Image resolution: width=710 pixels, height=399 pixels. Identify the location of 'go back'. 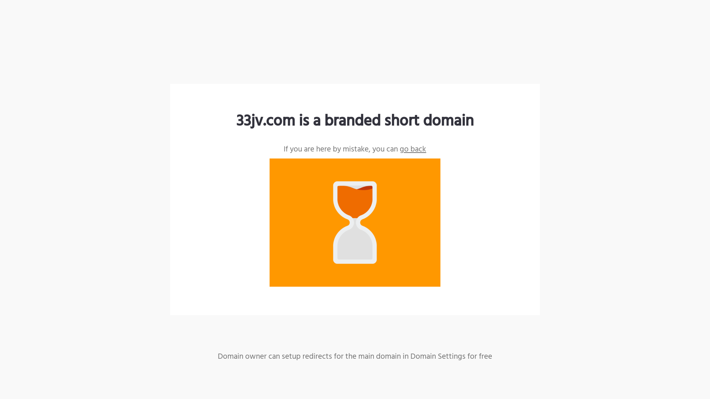
(412, 149).